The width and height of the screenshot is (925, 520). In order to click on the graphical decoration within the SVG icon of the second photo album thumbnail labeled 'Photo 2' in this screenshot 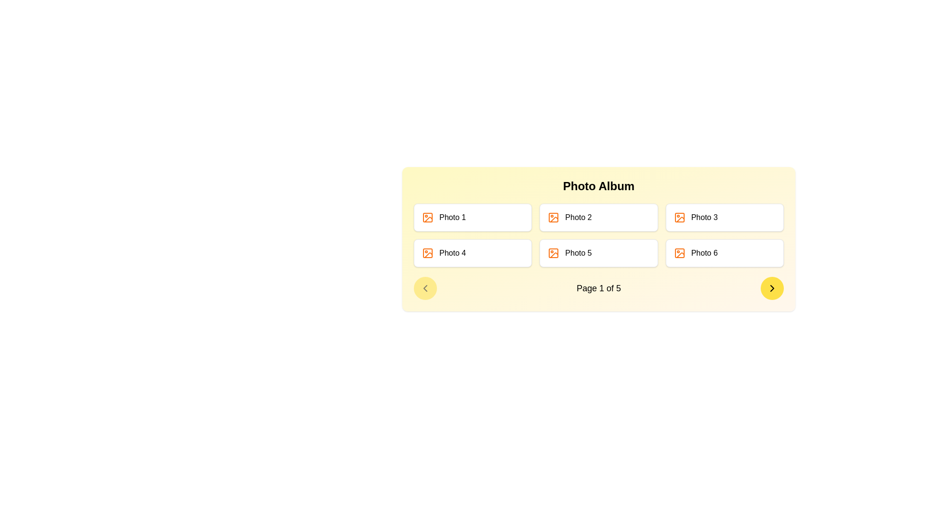, I will do `click(554, 220)`.